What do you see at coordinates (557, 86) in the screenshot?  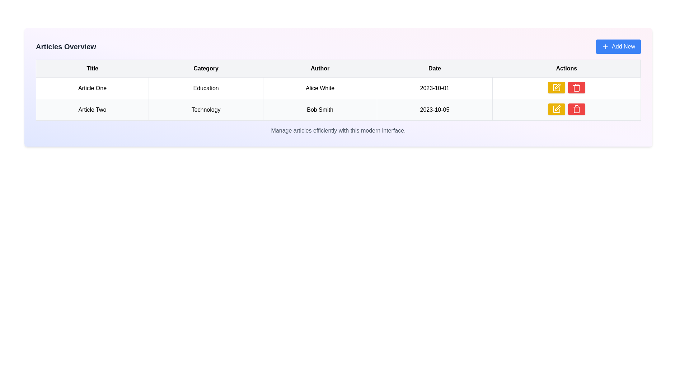 I see `the edit icon button in the Actions column corresponding to Article Two` at bounding box center [557, 86].